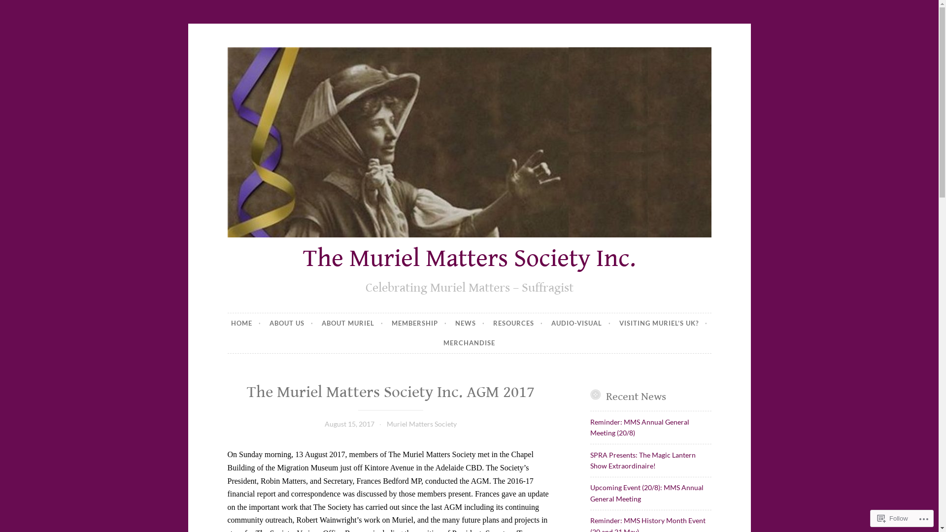 This screenshot has height=532, width=946. What do you see at coordinates (470, 323) in the screenshot?
I see `'NEWS'` at bounding box center [470, 323].